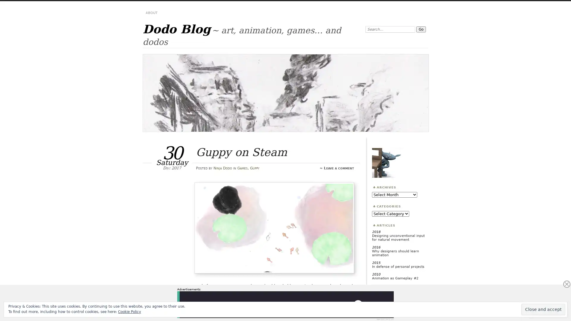  Describe the element at coordinates (543, 309) in the screenshot. I see `Close and accept` at that location.